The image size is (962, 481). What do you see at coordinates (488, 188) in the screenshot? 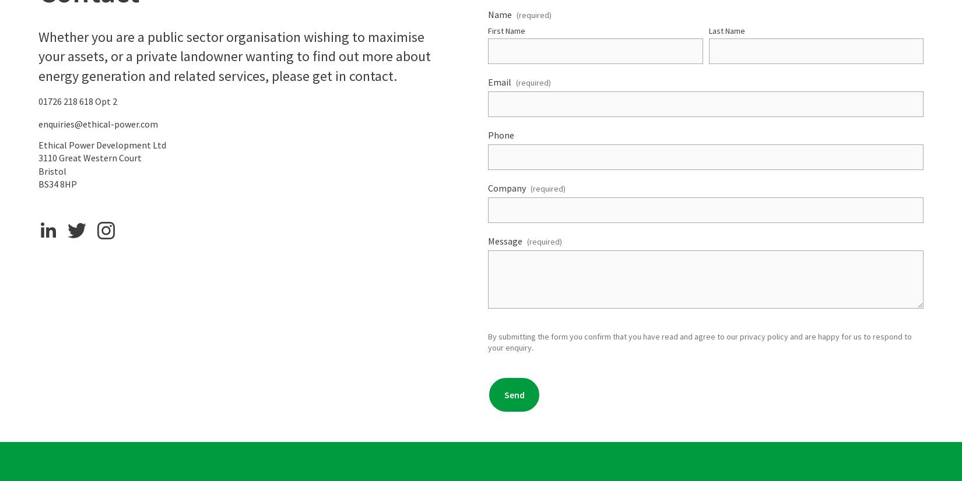
I see `'Company'` at bounding box center [488, 188].